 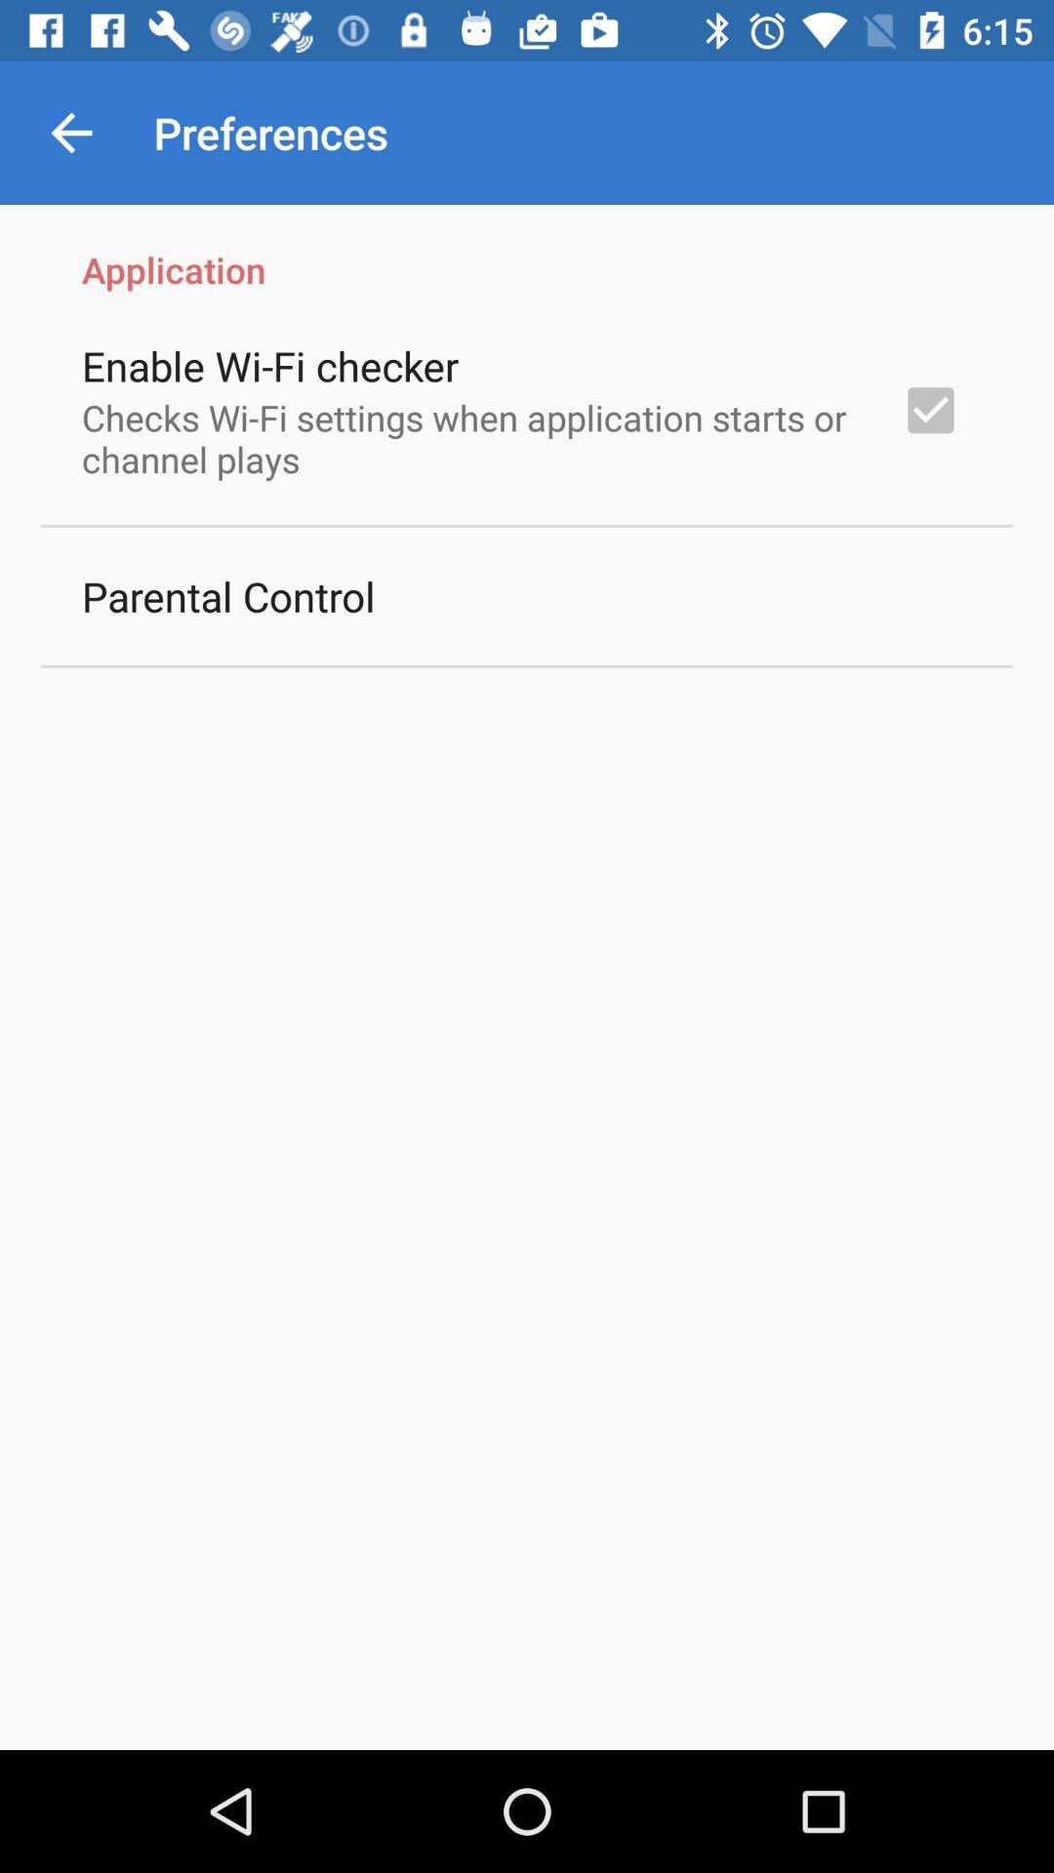 What do you see at coordinates (227, 595) in the screenshot?
I see `the item below checks wi fi icon` at bounding box center [227, 595].